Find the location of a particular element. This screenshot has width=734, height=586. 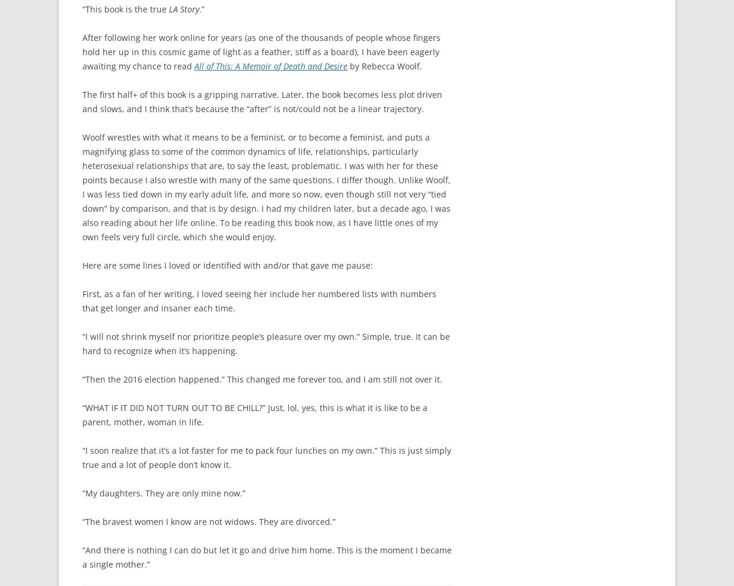

'“Then the 2016 election happened.” This changed me forever too, and I am still not over it.' is located at coordinates (261, 378).